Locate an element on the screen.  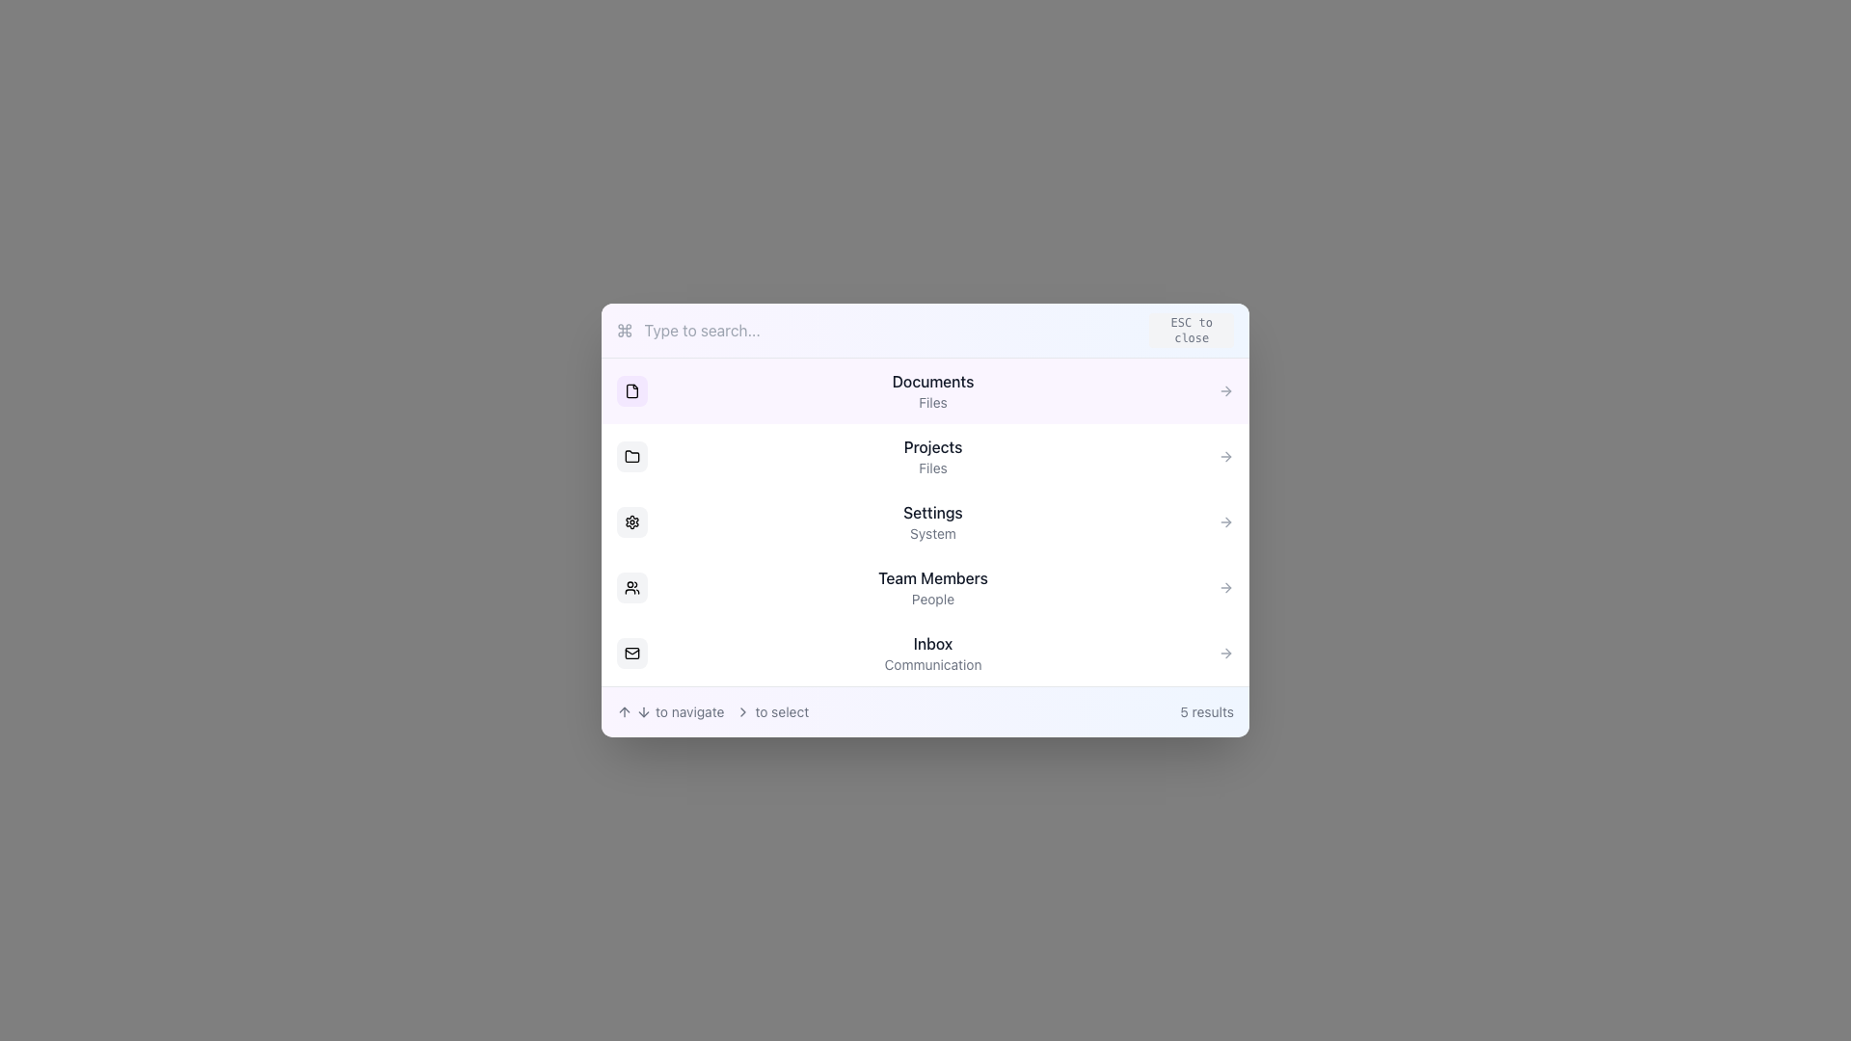
the rightmost icon in the 'Projects' row is located at coordinates (1225, 457).